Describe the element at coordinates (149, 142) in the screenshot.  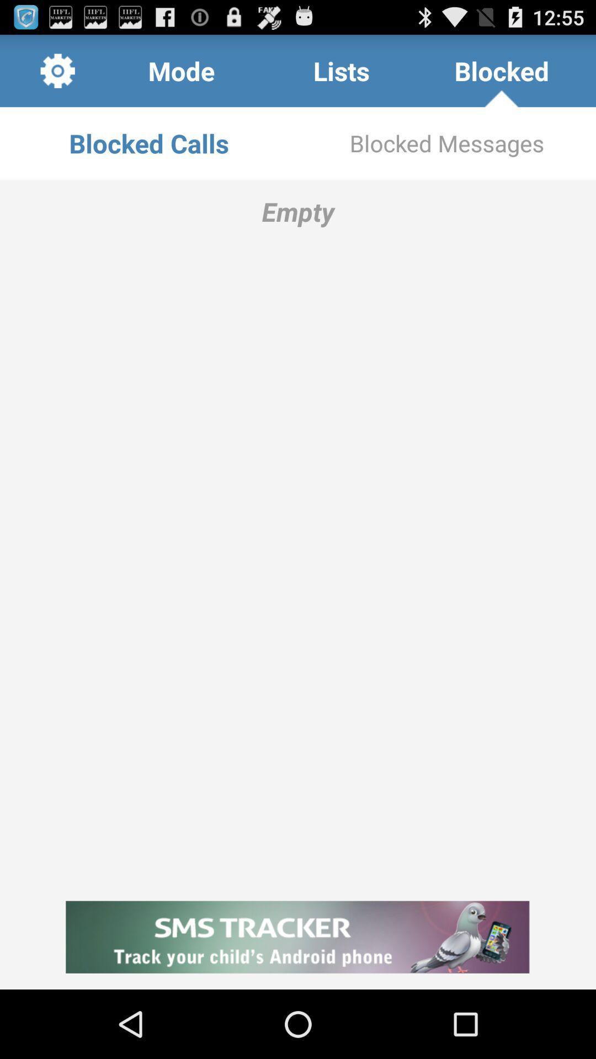
I see `the blocked calls item` at that location.